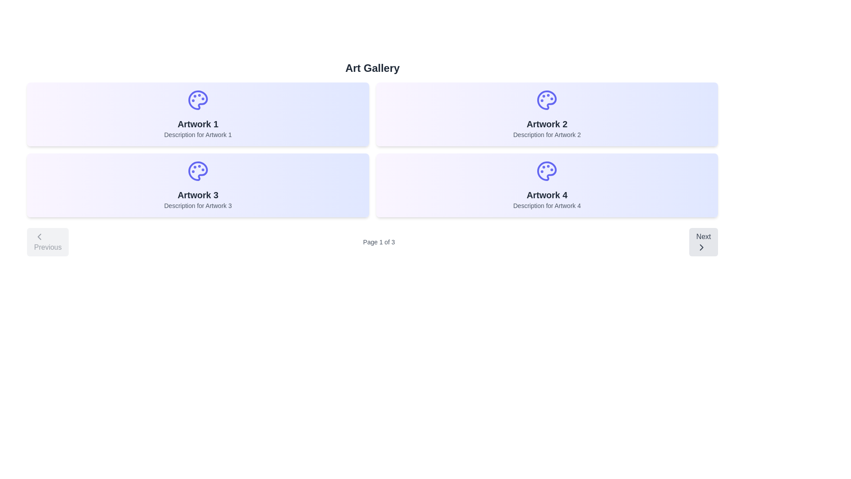 This screenshot has width=851, height=479. I want to click on the text label displaying 'Artwork 2' which is located in the top-right quadrant of the UI within the second card of a two-by-two grid, so click(547, 124).